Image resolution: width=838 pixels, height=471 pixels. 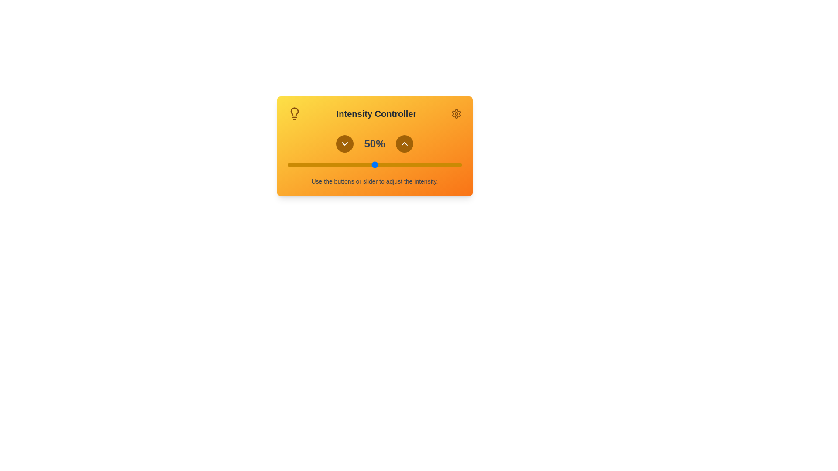 I want to click on the intensity, so click(x=355, y=165).